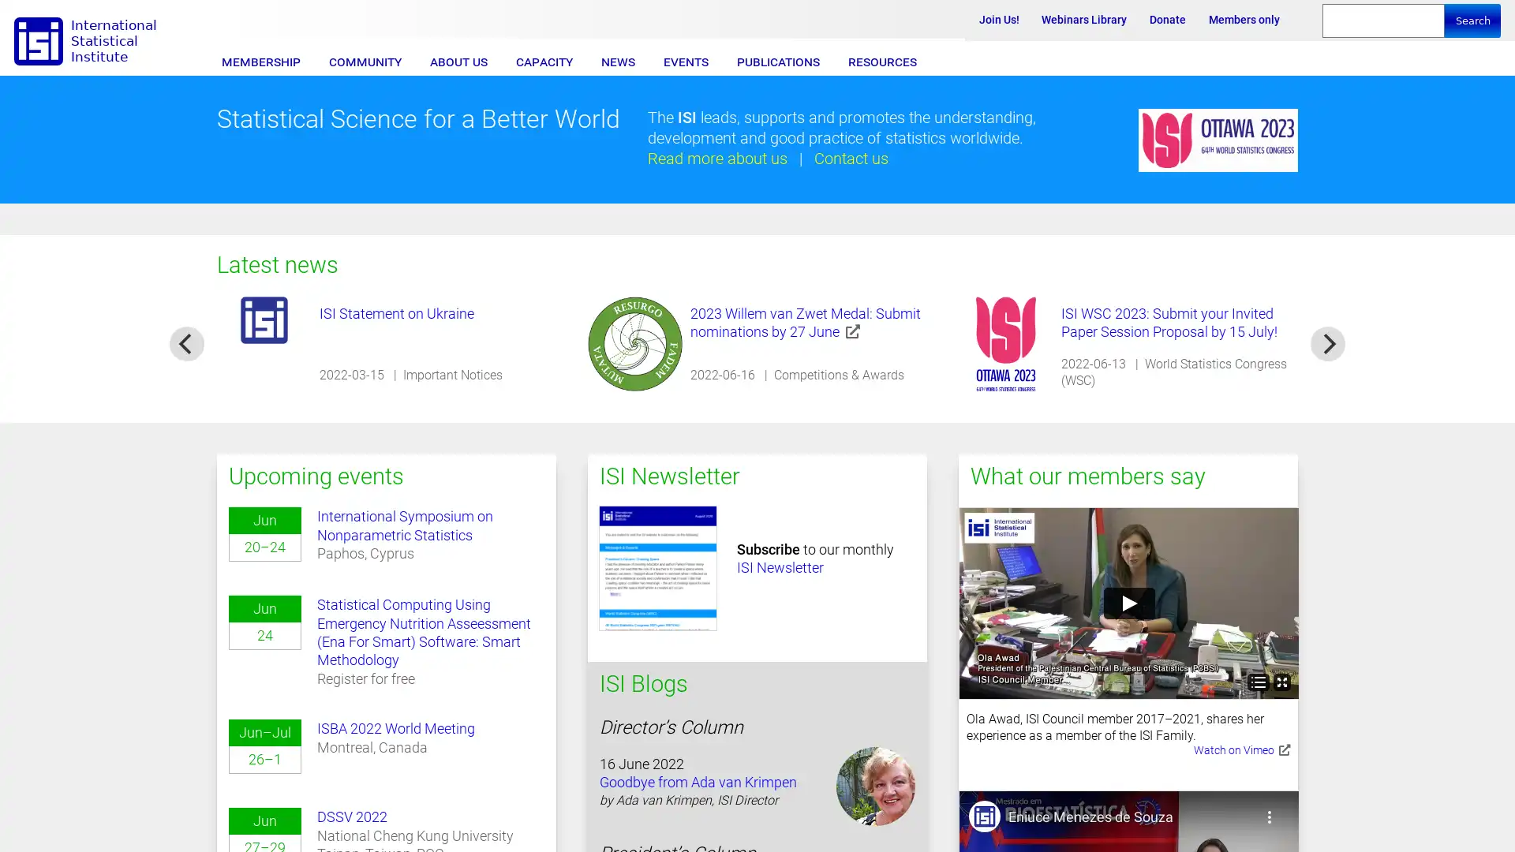 This screenshot has height=852, width=1515. I want to click on previous, so click(186, 342).